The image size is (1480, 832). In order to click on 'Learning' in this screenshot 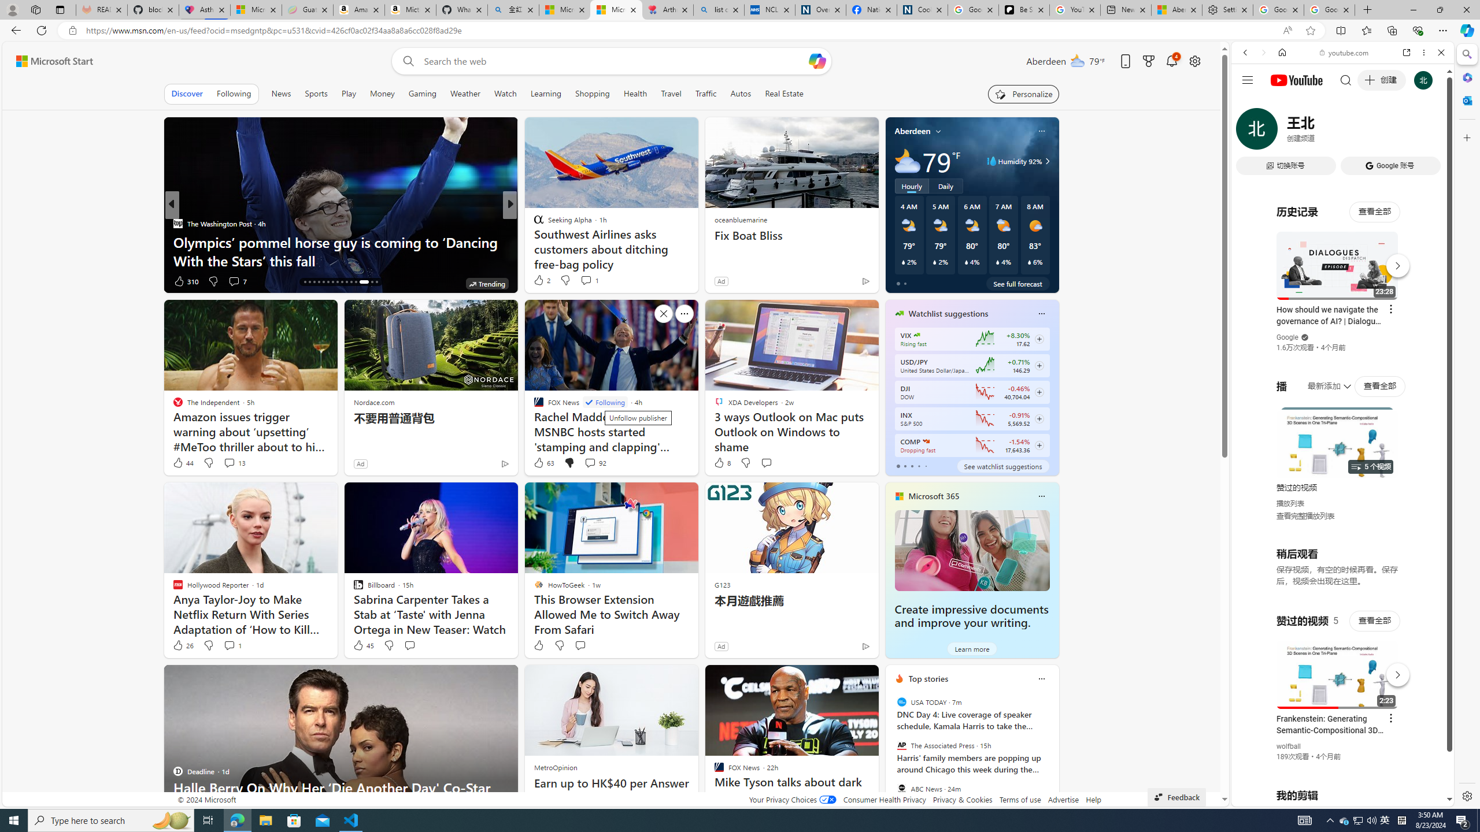, I will do `click(545, 93)`.